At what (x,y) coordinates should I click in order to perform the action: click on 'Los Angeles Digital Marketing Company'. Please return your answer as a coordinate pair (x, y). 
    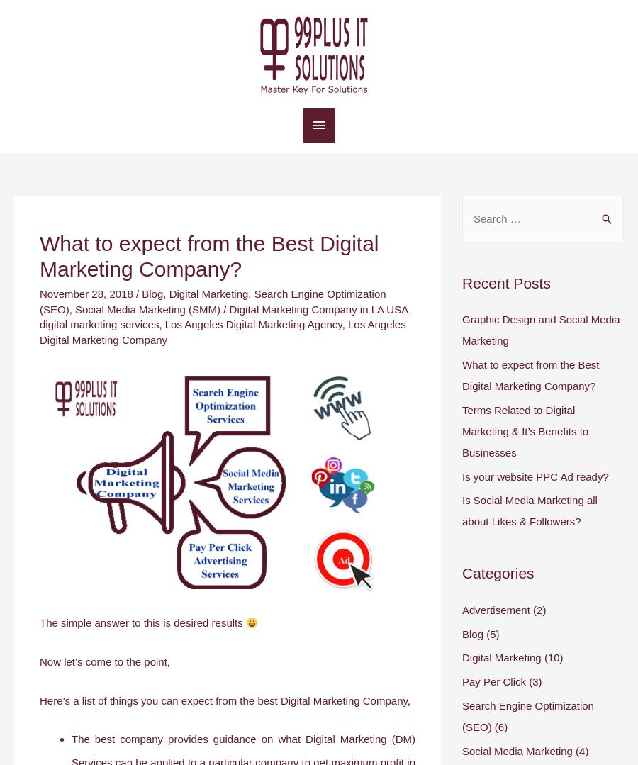
    Looking at the image, I should click on (222, 331).